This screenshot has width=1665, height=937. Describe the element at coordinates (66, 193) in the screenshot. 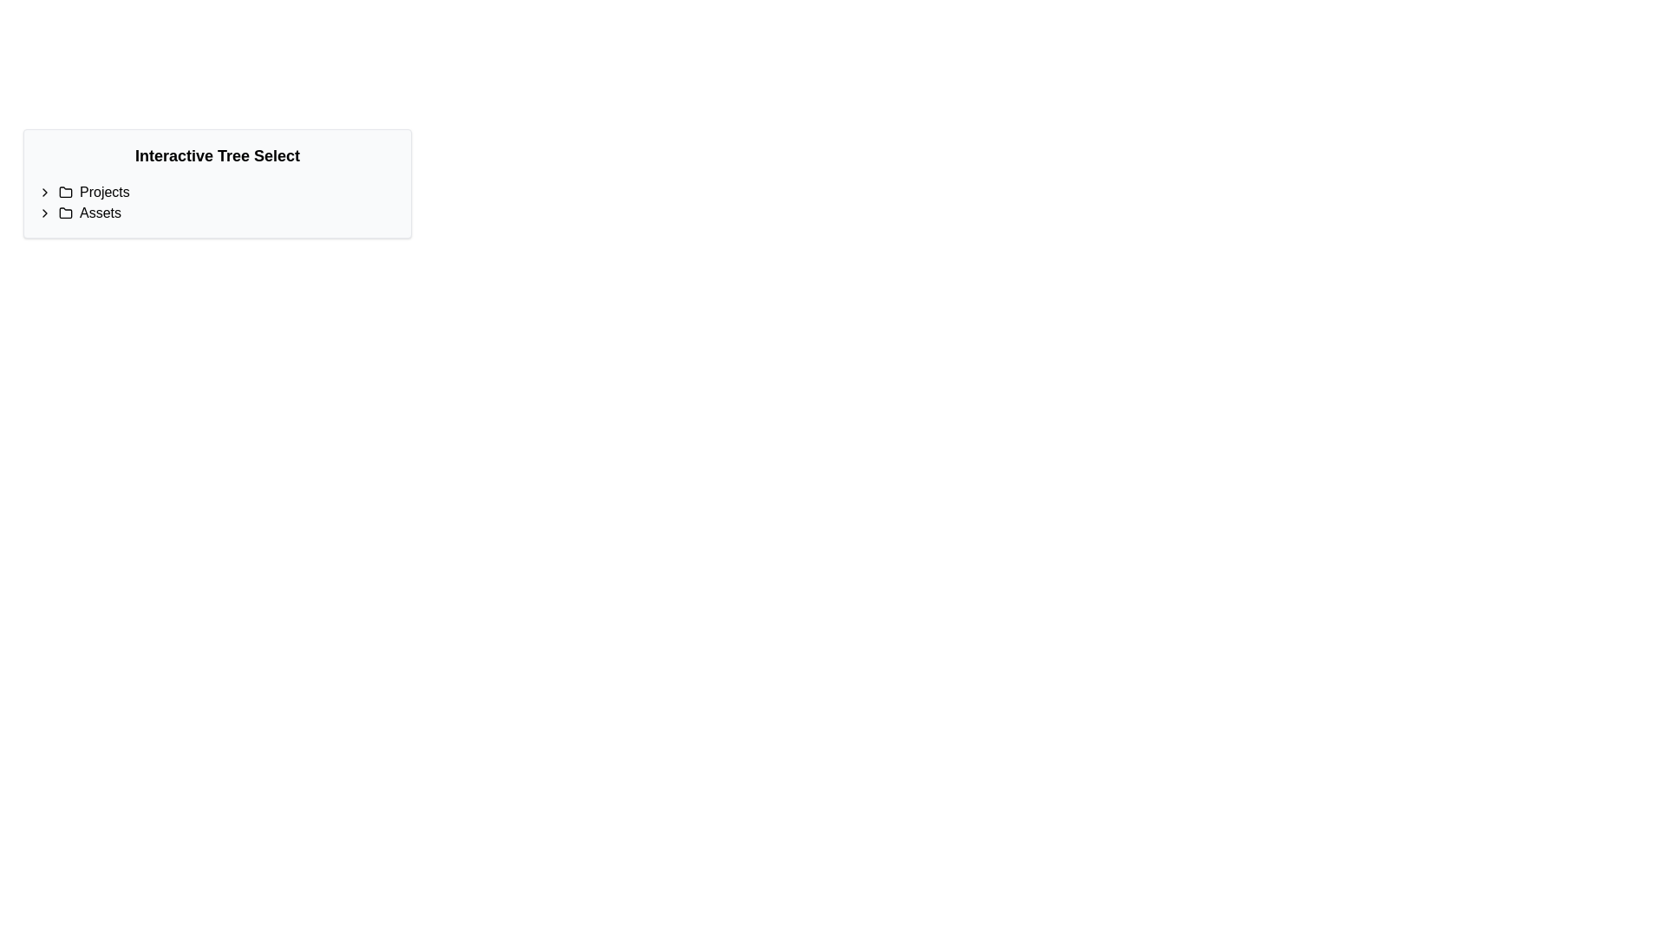

I see `the 'Projects' category icon in the 'Interactive Tree Select' section` at that location.